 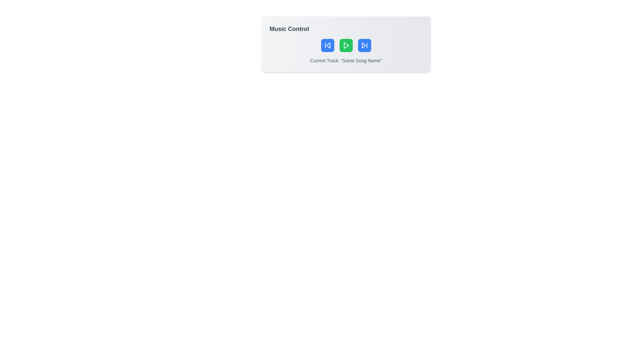 What do you see at coordinates (346, 45) in the screenshot?
I see `the triangular play icon inside the green circular button in the 'Music Control' interface to visualize the hover effect` at bounding box center [346, 45].